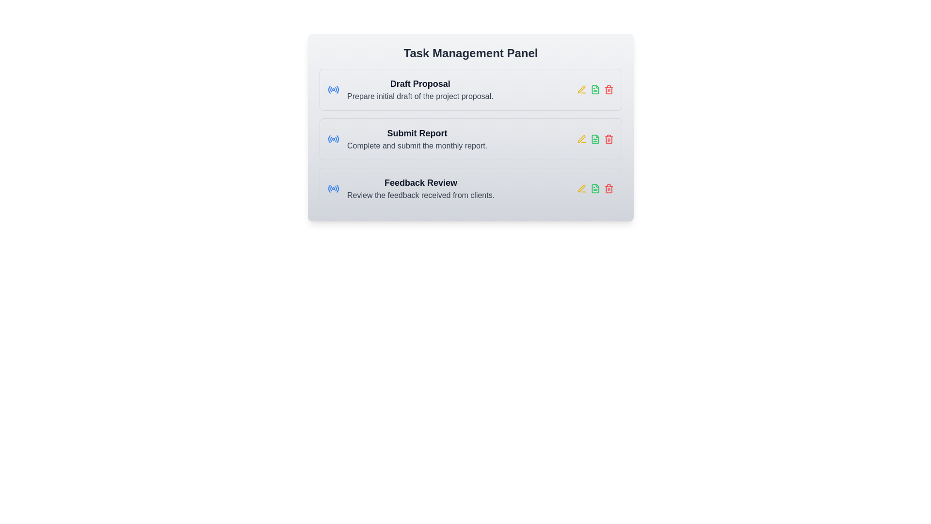 This screenshot has width=931, height=524. Describe the element at coordinates (407, 139) in the screenshot. I see `text content of the task management item labeled 'Submit Report' with the subtitle 'Complete and submit the monthly report.'` at that location.